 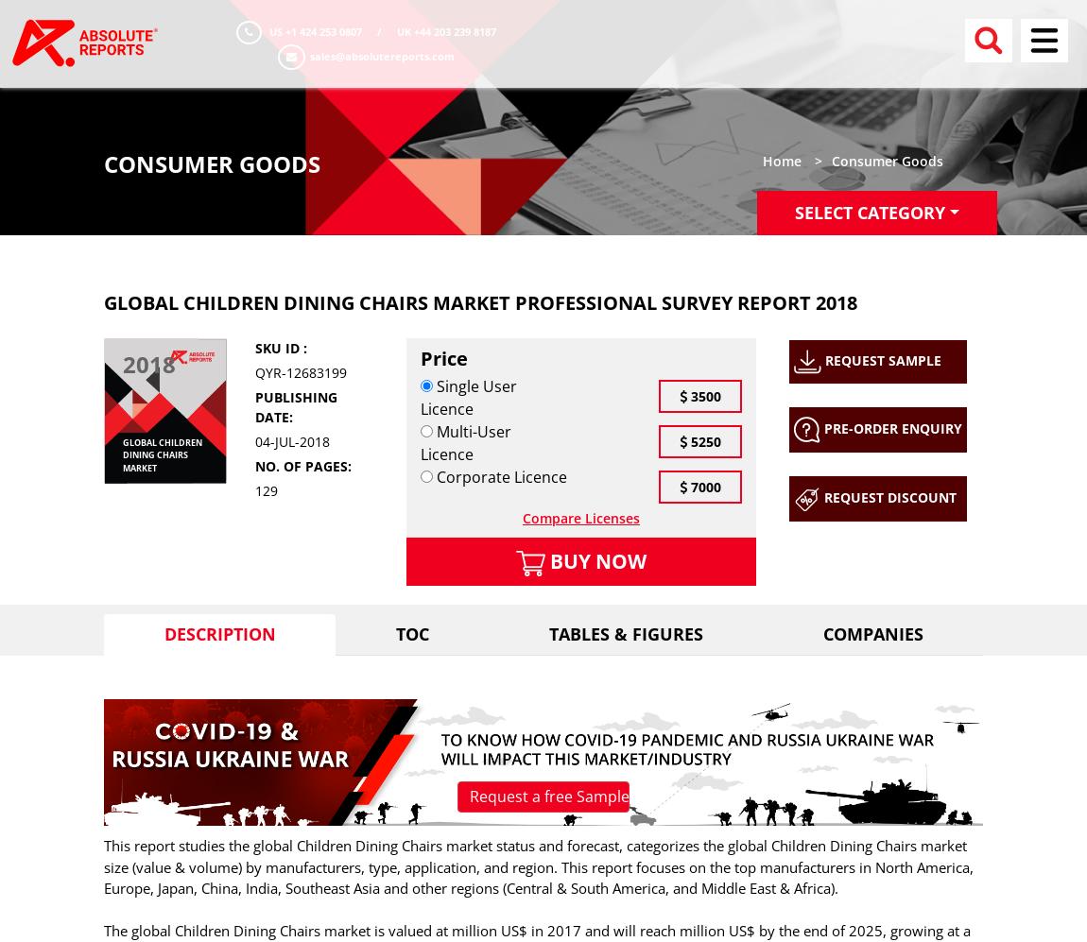 I want to click on 'Request Discount', so click(x=889, y=495).